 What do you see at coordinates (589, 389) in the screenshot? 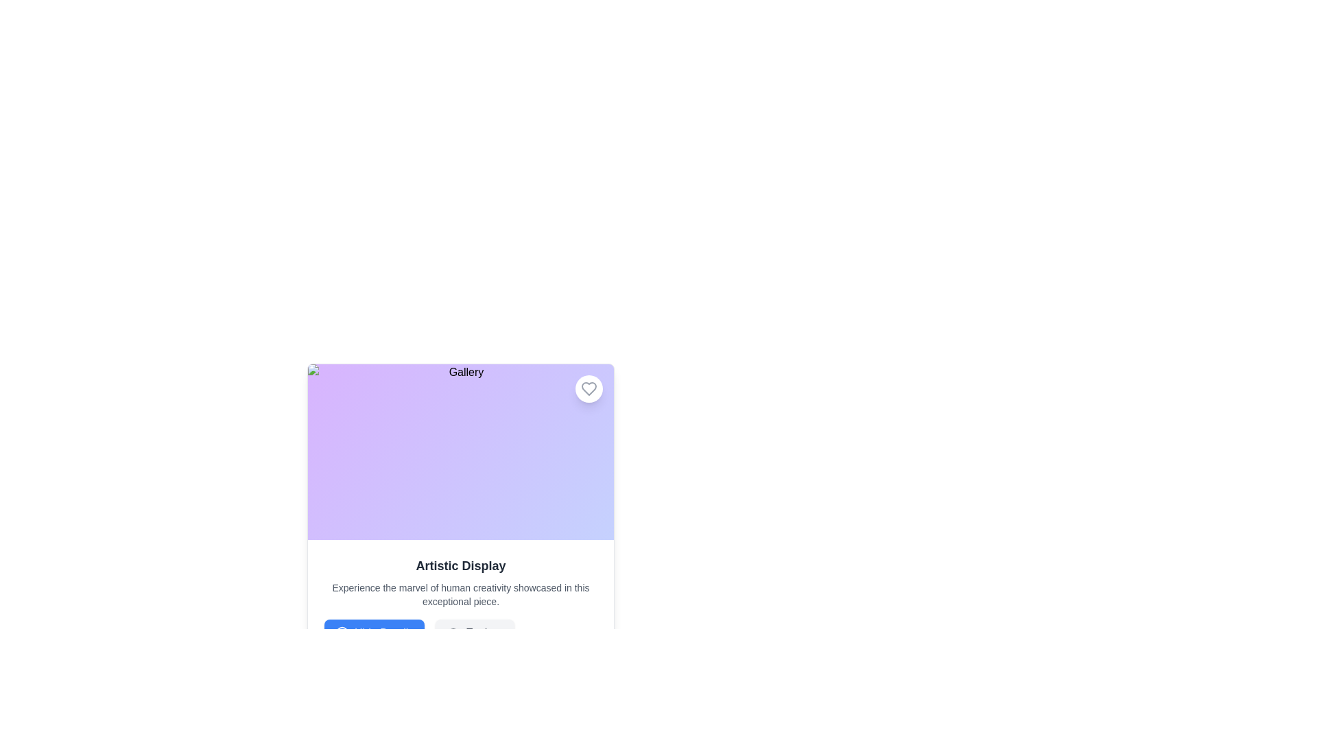
I see `the heart-shaped icon representing the favoriting feature located within the interactive button in the top-right corner of the card` at bounding box center [589, 389].